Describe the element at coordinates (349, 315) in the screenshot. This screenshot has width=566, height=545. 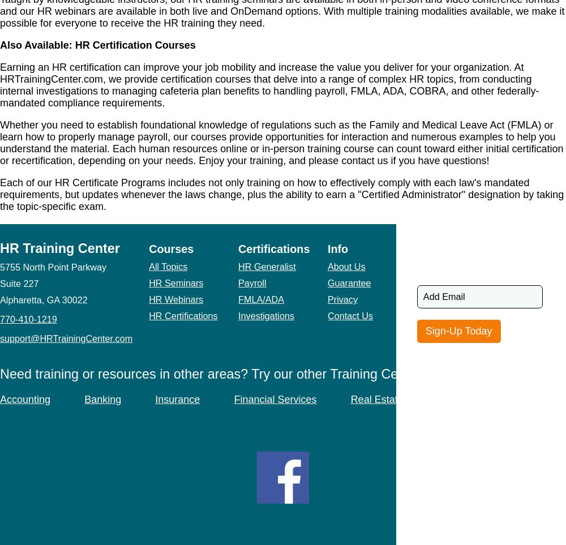
I see `'Contact Us'` at that location.